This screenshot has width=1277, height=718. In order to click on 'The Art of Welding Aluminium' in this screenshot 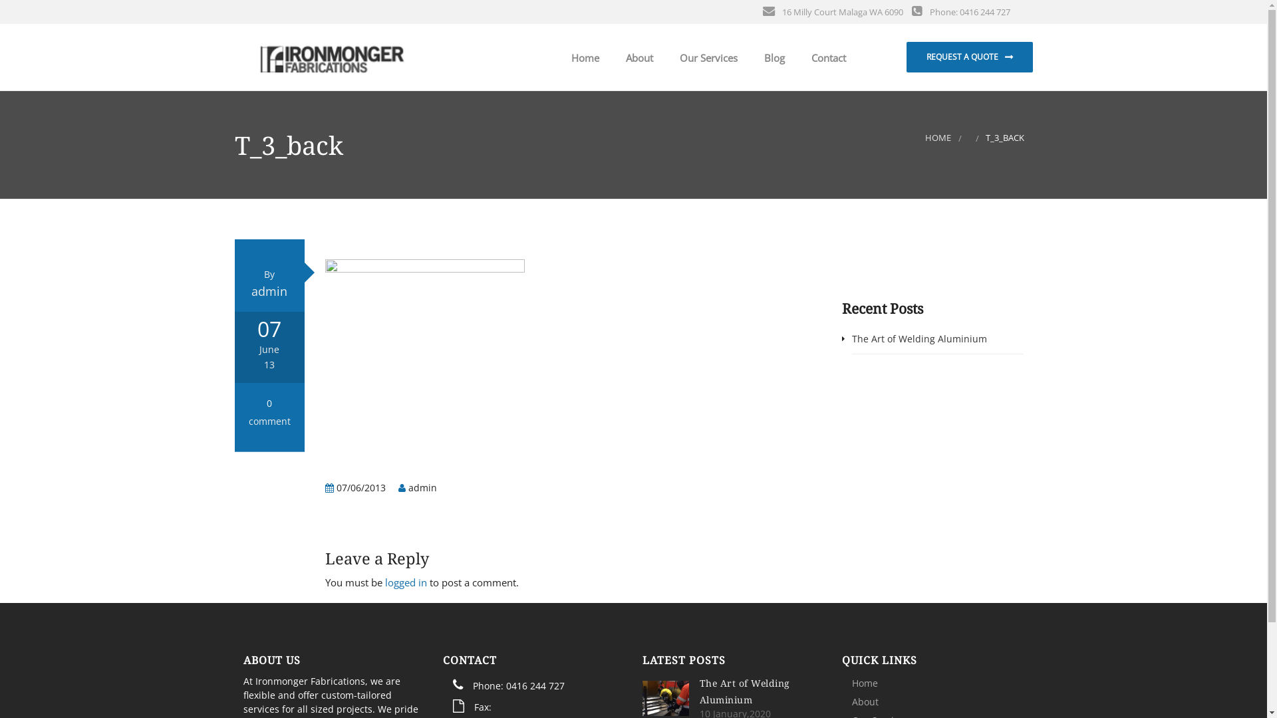, I will do `click(919, 338)`.